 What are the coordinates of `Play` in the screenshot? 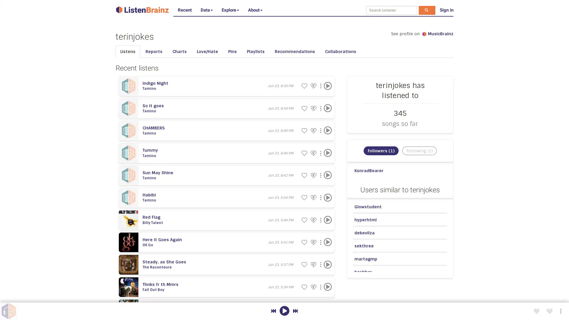 It's located at (327, 220).